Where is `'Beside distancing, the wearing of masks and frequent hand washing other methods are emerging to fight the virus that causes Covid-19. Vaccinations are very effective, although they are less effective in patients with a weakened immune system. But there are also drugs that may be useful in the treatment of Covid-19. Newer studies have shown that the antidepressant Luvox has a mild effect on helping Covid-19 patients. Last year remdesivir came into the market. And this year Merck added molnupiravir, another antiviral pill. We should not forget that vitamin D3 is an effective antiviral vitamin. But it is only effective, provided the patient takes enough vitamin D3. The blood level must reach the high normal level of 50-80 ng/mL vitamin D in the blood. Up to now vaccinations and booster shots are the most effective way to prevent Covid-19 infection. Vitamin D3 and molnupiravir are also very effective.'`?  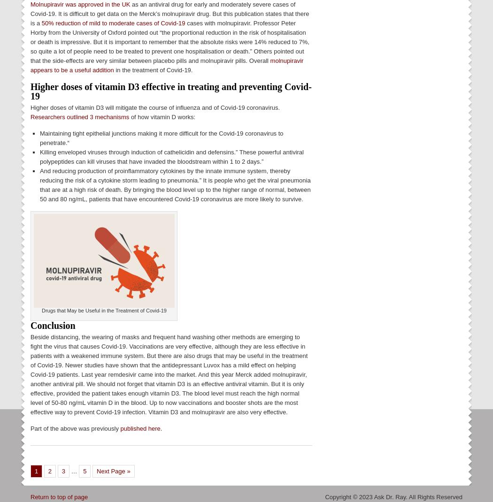 'Beside distancing, the wearing of masks and frequent hand washing other methods are emerging to fight the virus that causes Covid-19. Vaccinations are very effective, although they are less effective in patients with a weakened immune system. But there are also drugs that may be useful in the treatment of Covid-19. Newer studies have shown that the antidepressant Luvox has a mild effect on helping Covid-19 patients. Last year remdesivir came into the market. And this year Merck added molnupiravir, another antiviral pill. We should not forget that vitamin D3 is an effective antiviral vitamin. But it is only effective, provided the patient takes enough vitamin D3. The blood level must reach the high normal level of 50-80 ng/mL vitamin D in the blood. Up to now vaccinations and booster shots are the most effective way to prevent Covid-19 infection. Vitamin D3 and molnupiravir are also very effective.' is located at coordinates (169, 373).